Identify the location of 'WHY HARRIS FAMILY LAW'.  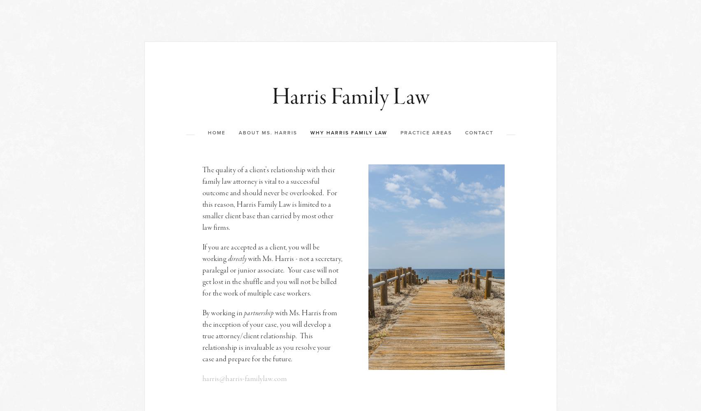
(348, 132).